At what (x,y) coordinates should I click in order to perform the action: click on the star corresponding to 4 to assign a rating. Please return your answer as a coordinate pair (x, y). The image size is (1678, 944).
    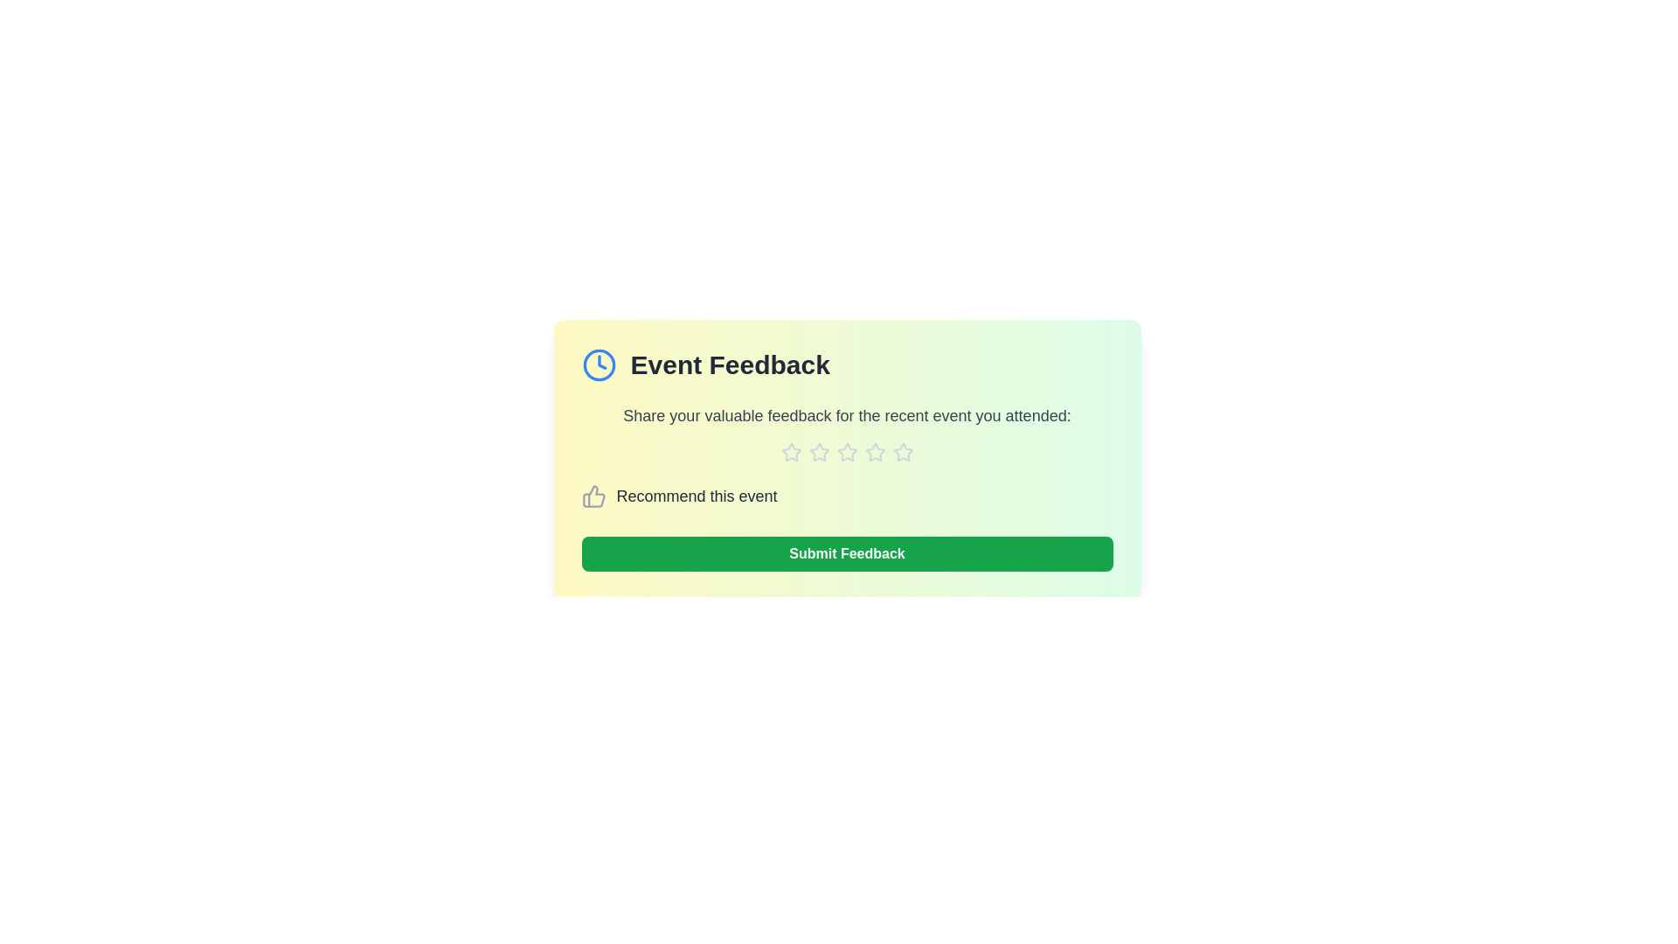
    Looking at the image, I should click on (875, 451).